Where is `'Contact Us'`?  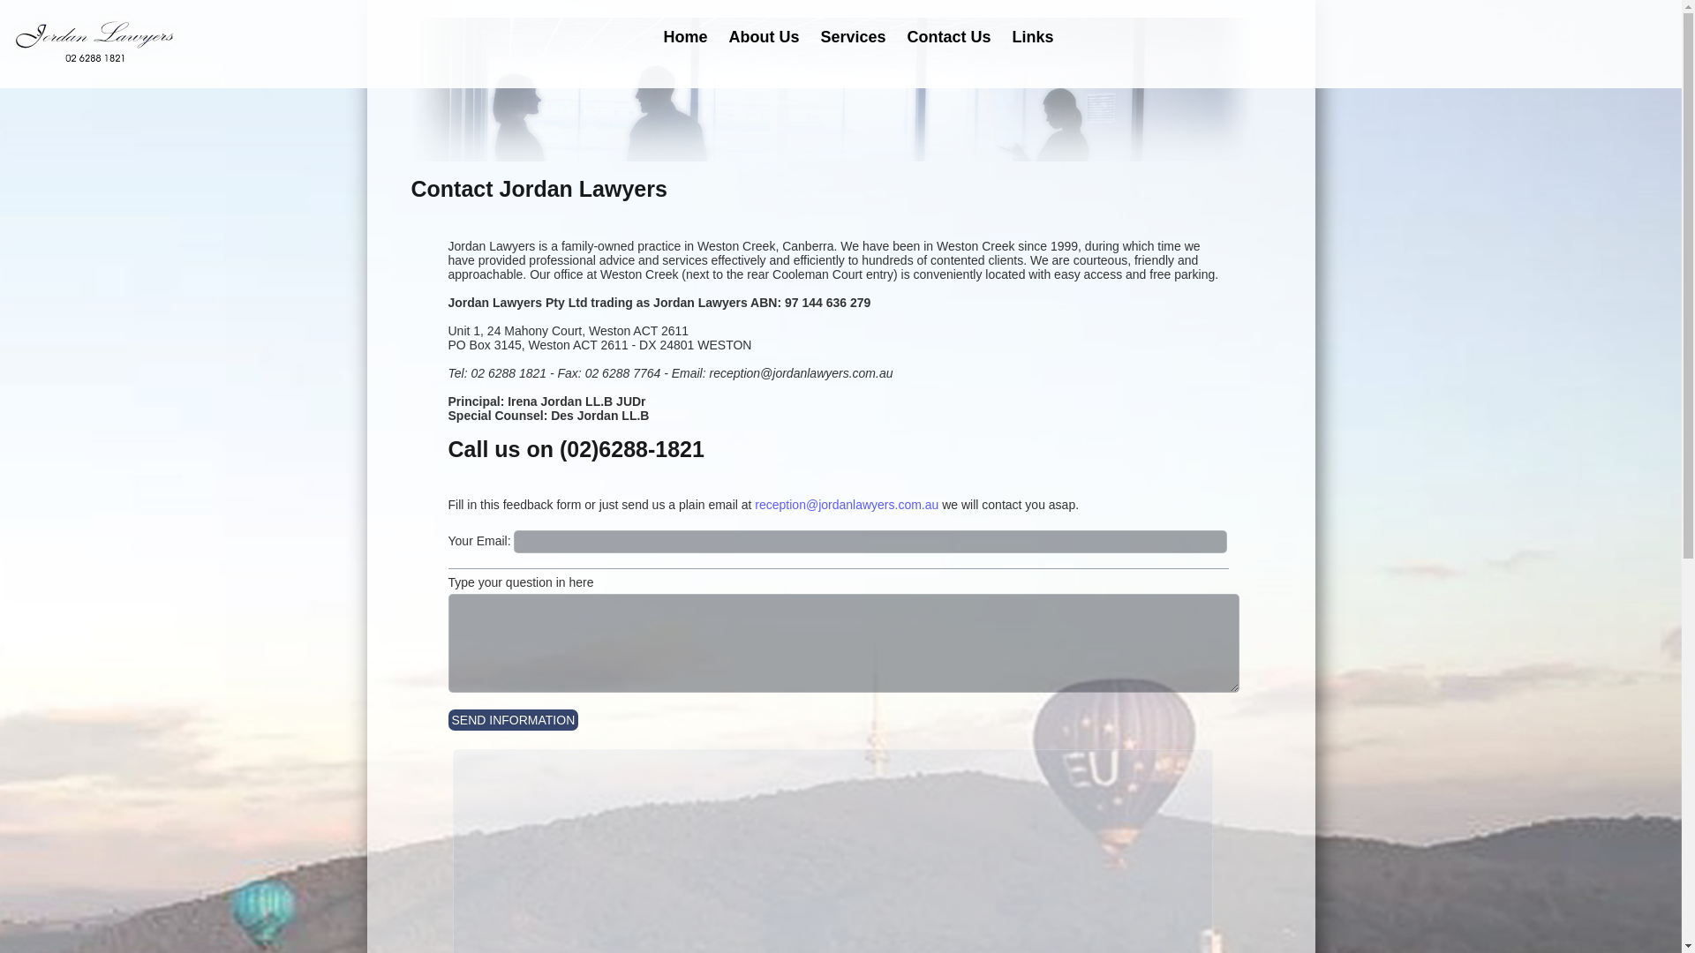
'Contact Us' is located at coordinates (897, 37).